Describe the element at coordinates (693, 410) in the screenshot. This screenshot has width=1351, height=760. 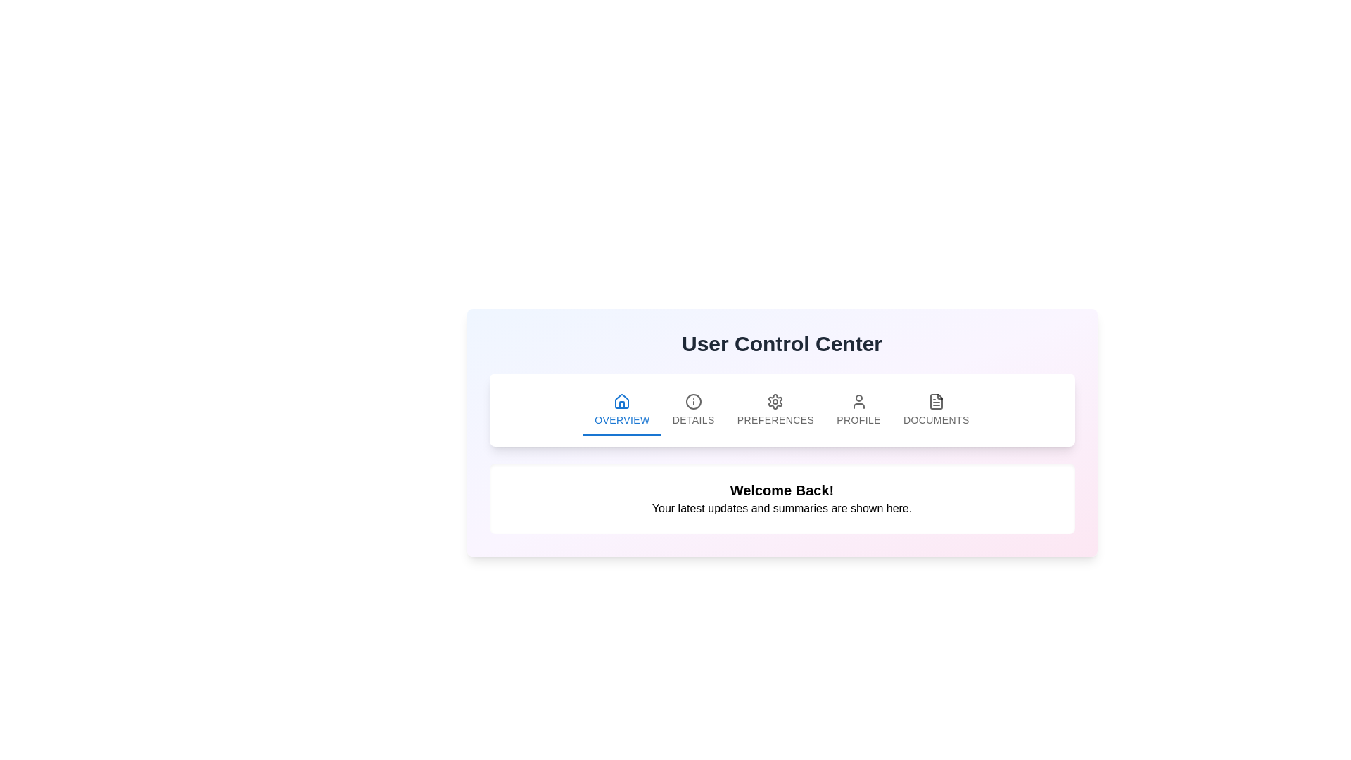
I see `the 'Details' tab, which is styled with a subtle raised appearance and is located between the 'Overview' and 'Preferences' tabs` at that location.